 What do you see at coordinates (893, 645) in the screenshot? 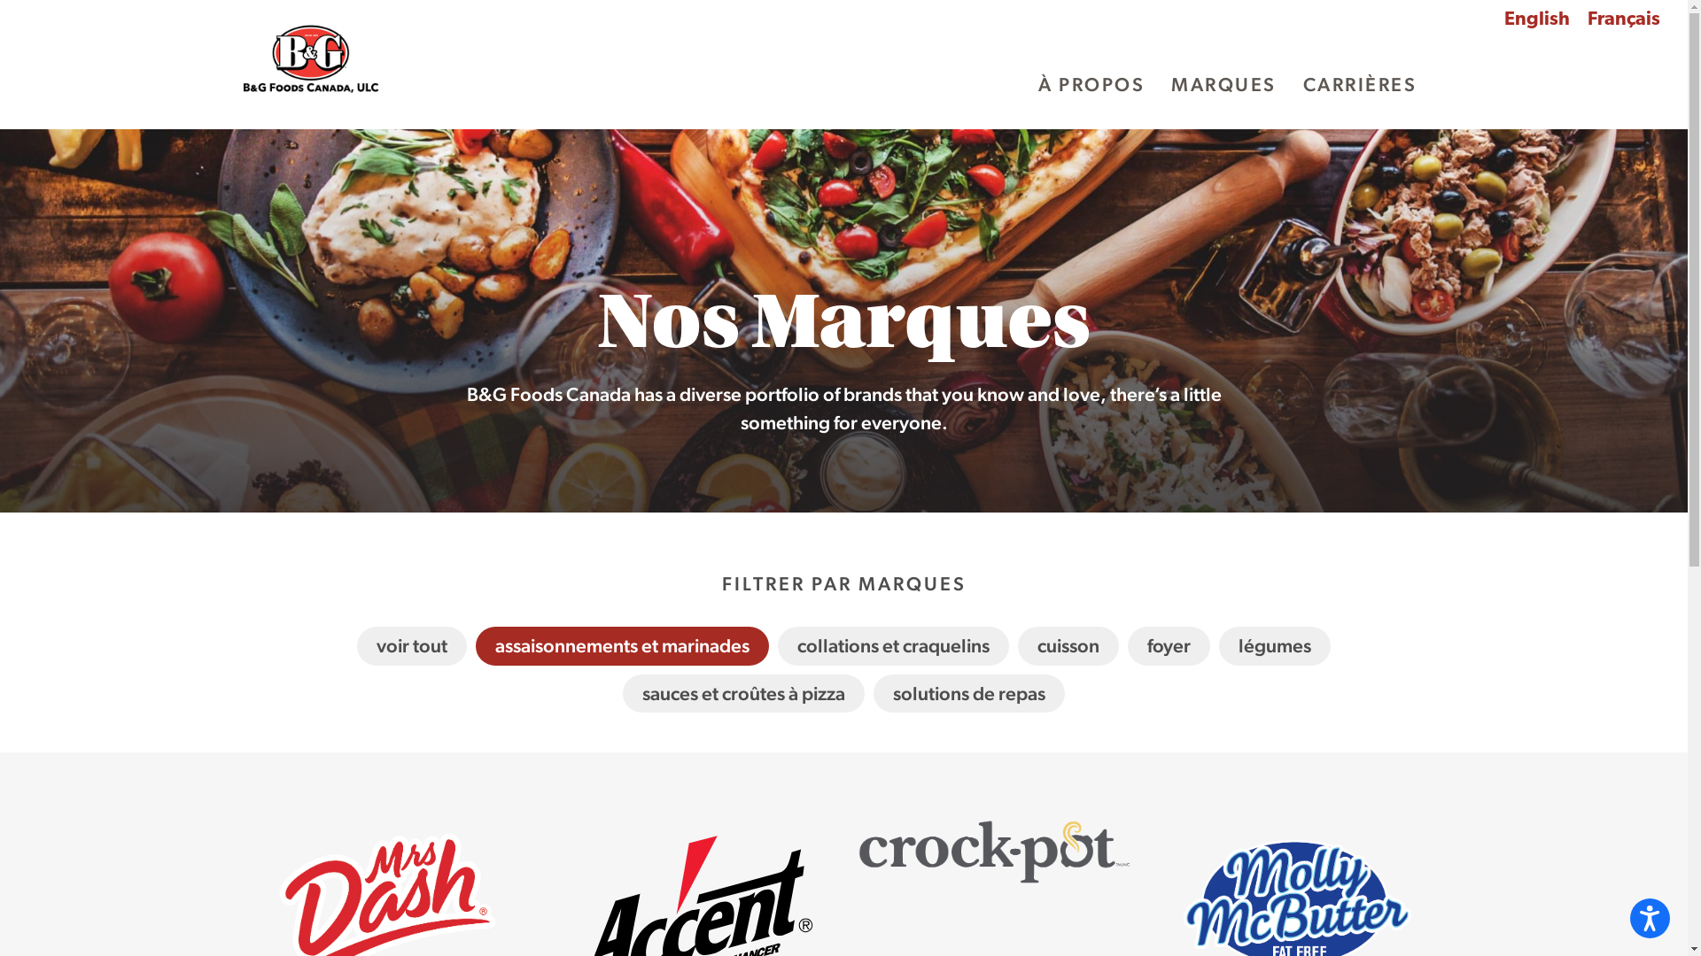
I see `'collations et craquelins'` at bounding box center [893, 645].